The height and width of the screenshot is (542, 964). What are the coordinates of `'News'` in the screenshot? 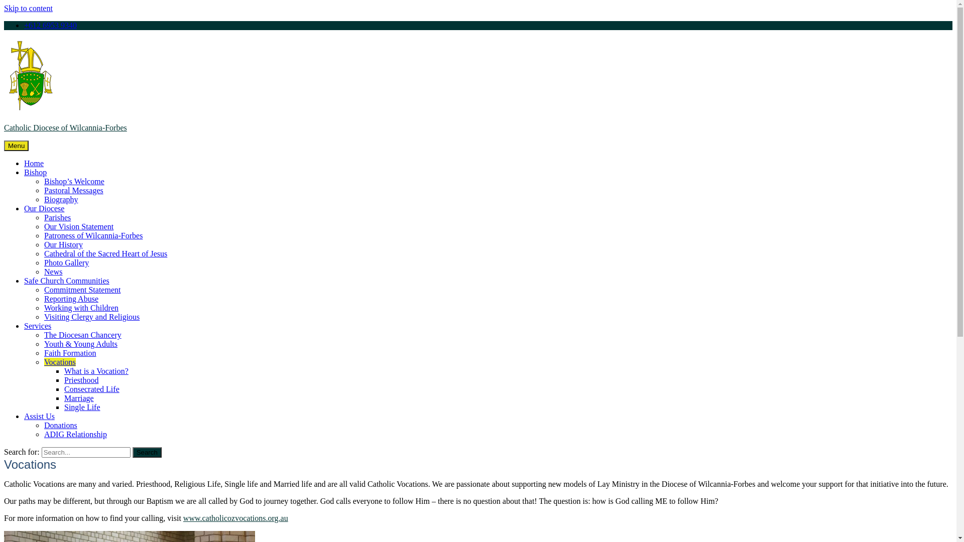 It's located at (52, 272).